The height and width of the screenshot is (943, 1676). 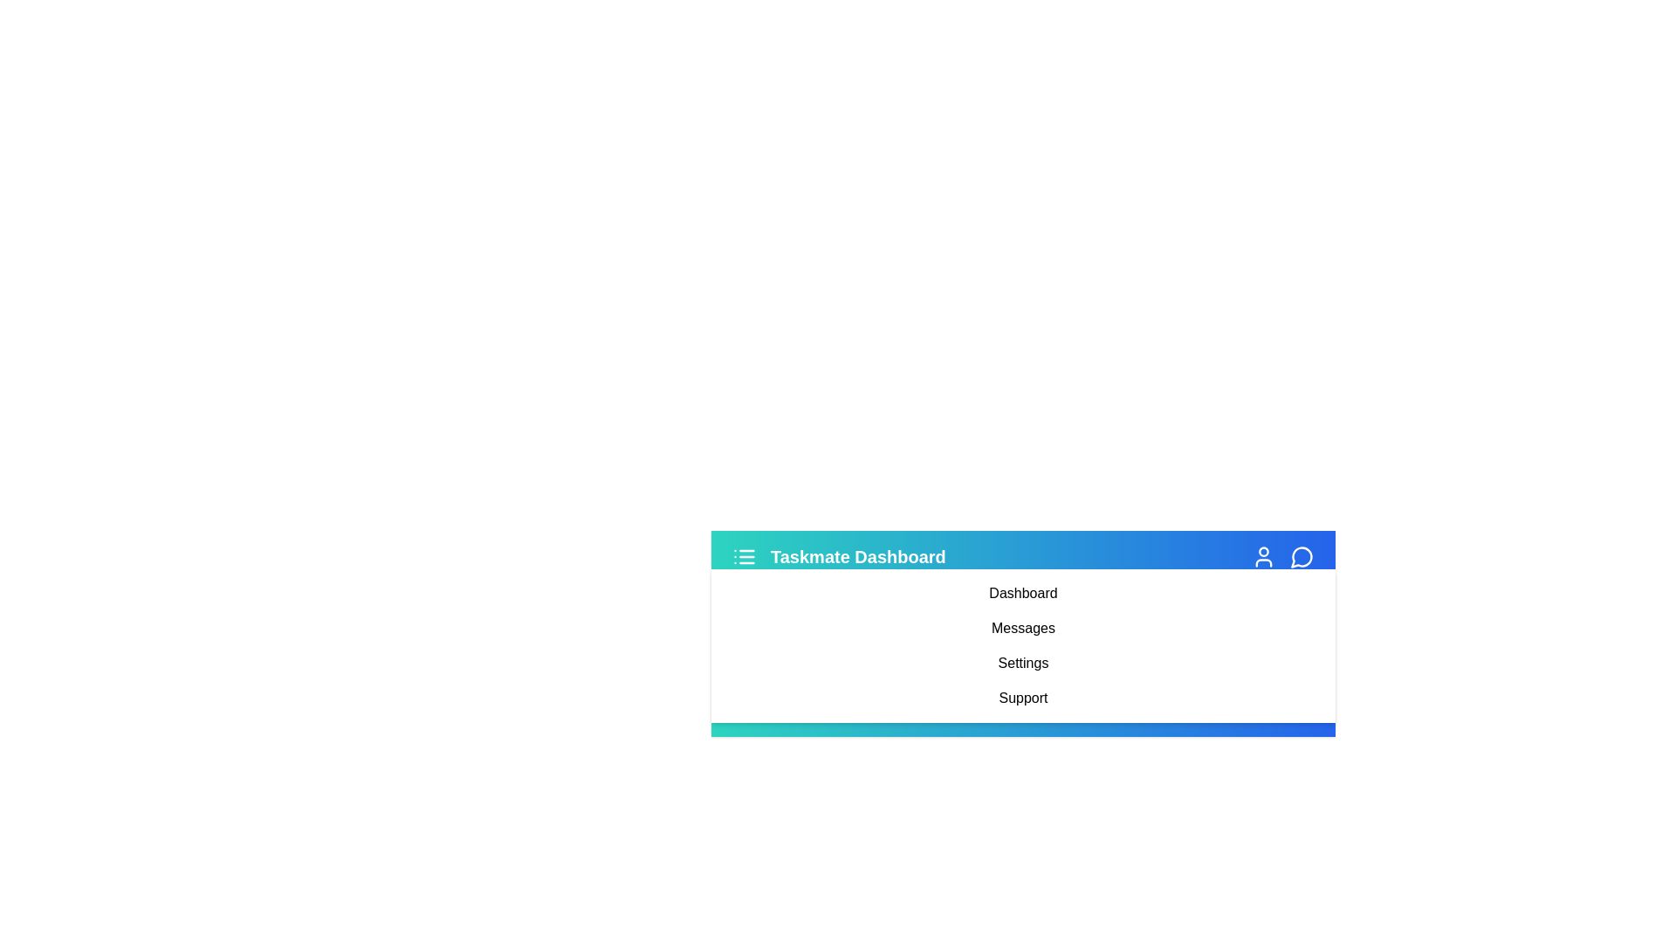 What do you see at coordinates (745, 556) in the screenshot?
I see `the hamburger menu icon to toggle the sidebar visibility` at bounding box center [745, 556].